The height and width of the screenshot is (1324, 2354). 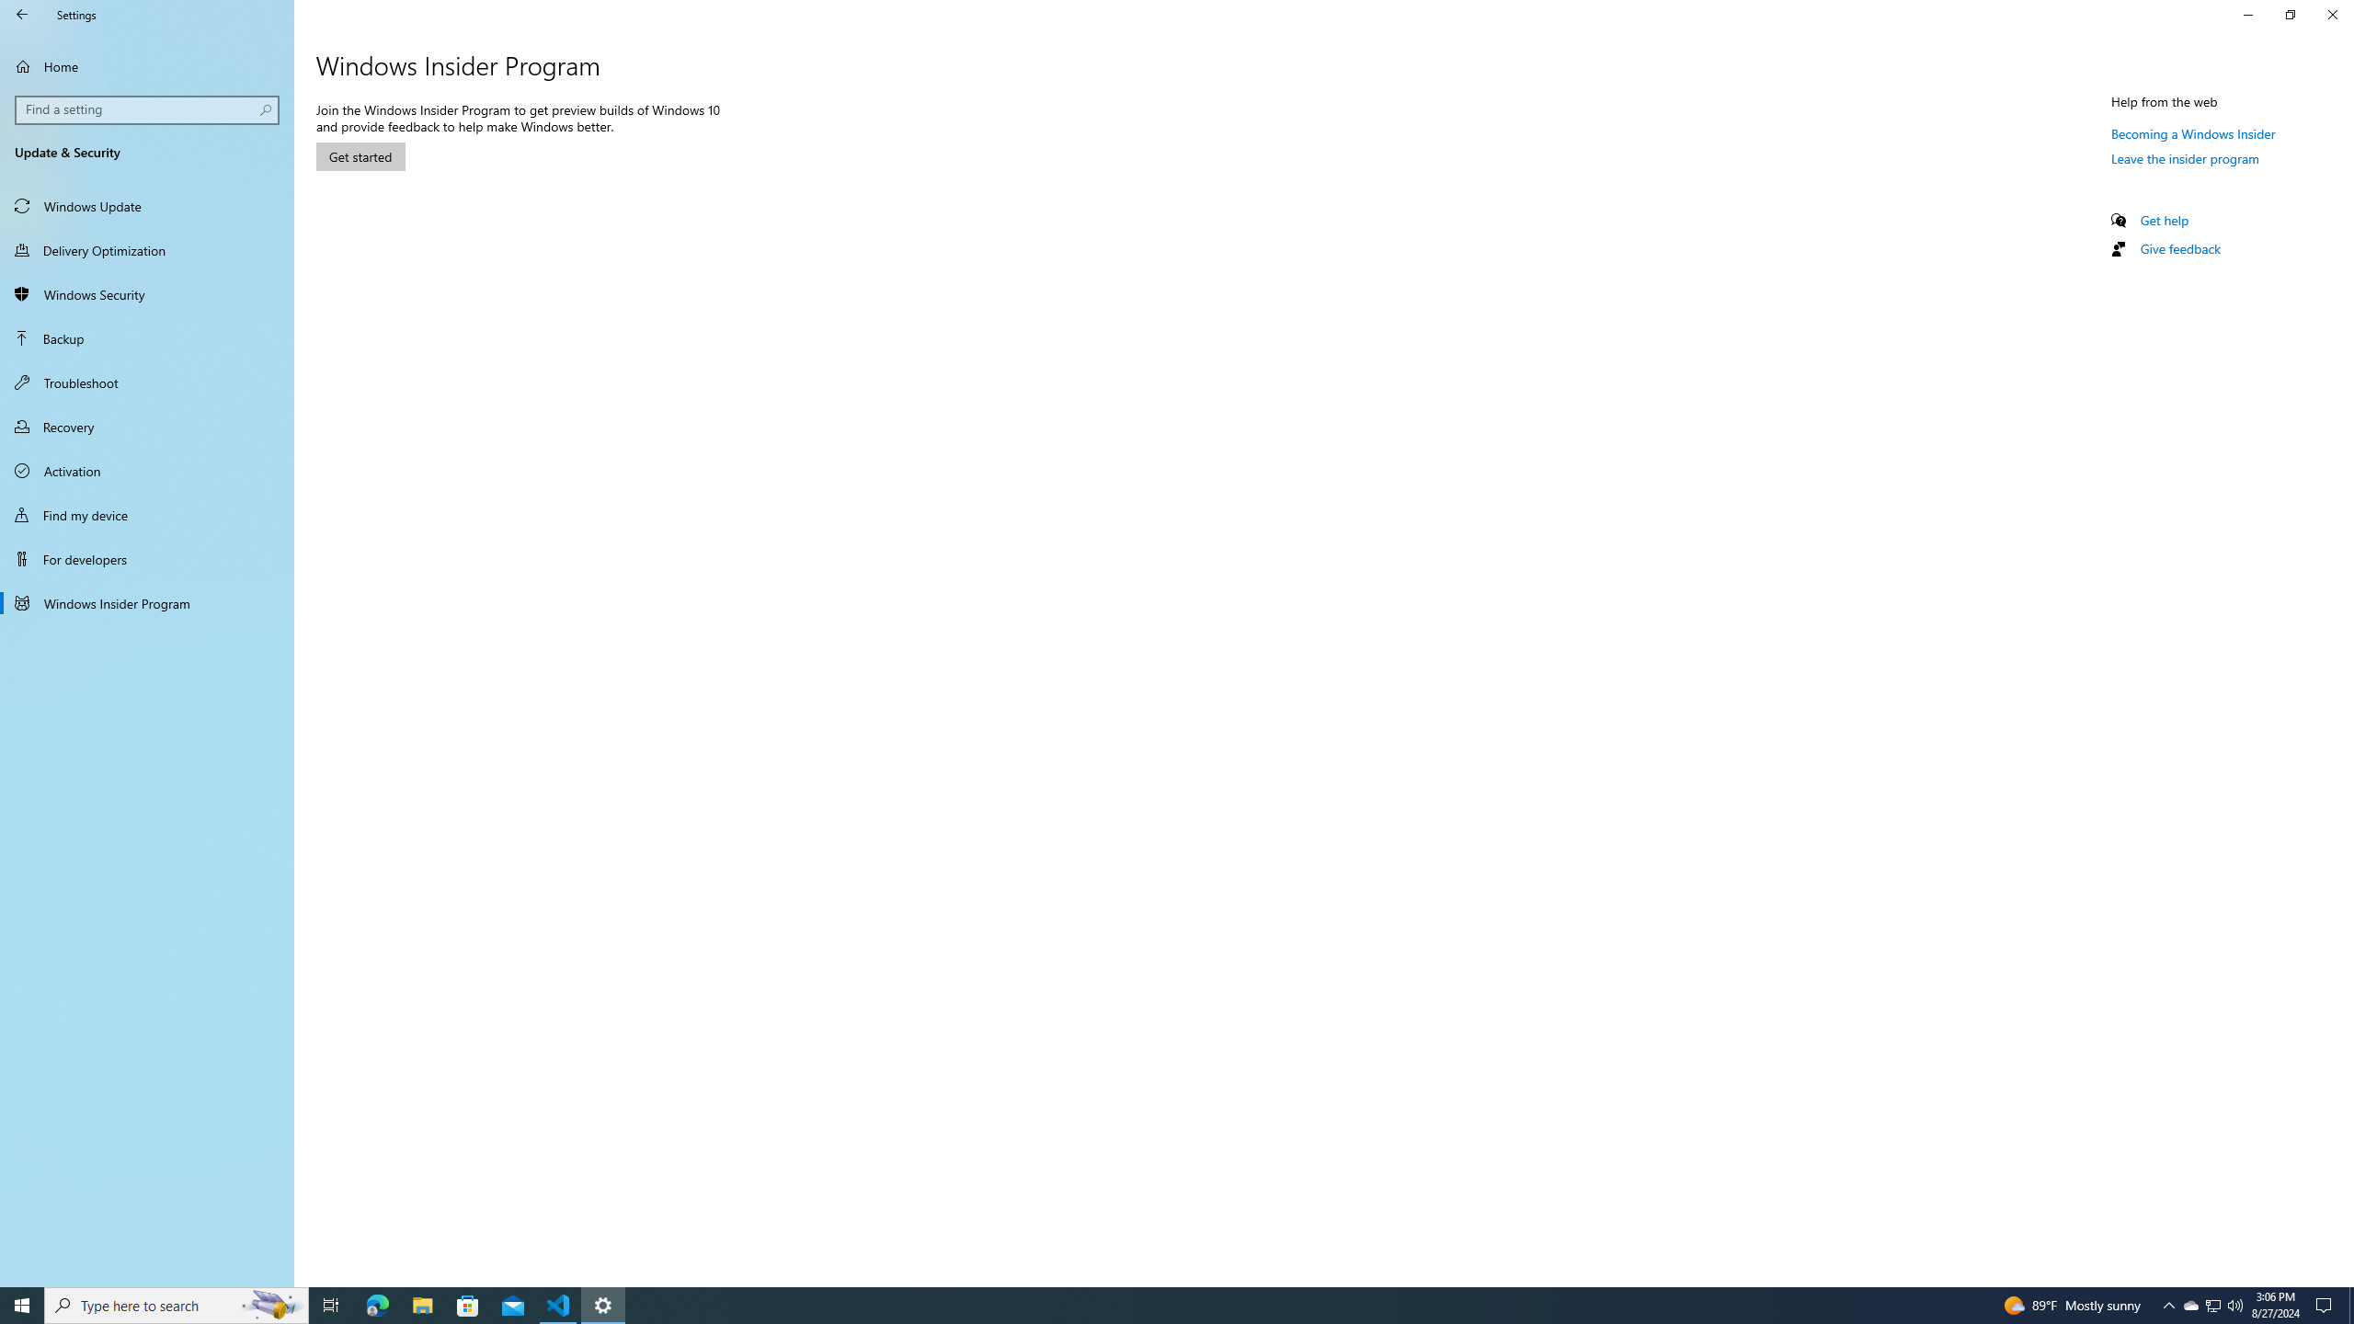 I want to click on 'Windows Insider Program', so click(x=146, y=601).